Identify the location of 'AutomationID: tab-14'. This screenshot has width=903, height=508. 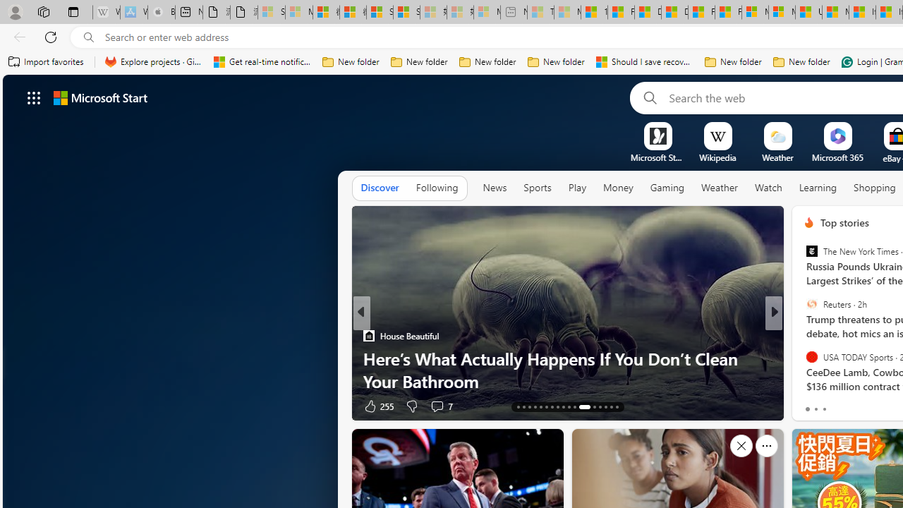
(523, 407).